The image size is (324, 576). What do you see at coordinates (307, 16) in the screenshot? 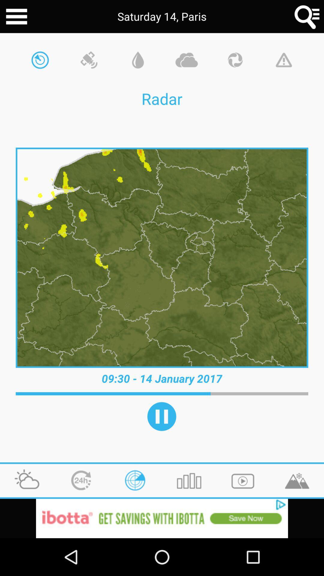
I see `search for area` at bounding box center [307, 16].